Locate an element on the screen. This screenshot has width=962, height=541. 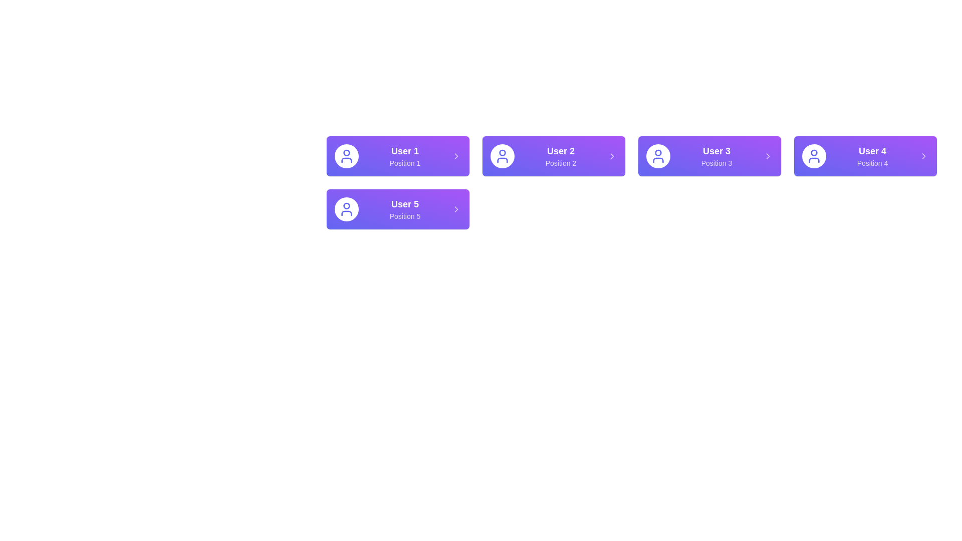
the user silhouette icon with indigo coloration in the 'User 4' card is located at coordinates (814, 156).